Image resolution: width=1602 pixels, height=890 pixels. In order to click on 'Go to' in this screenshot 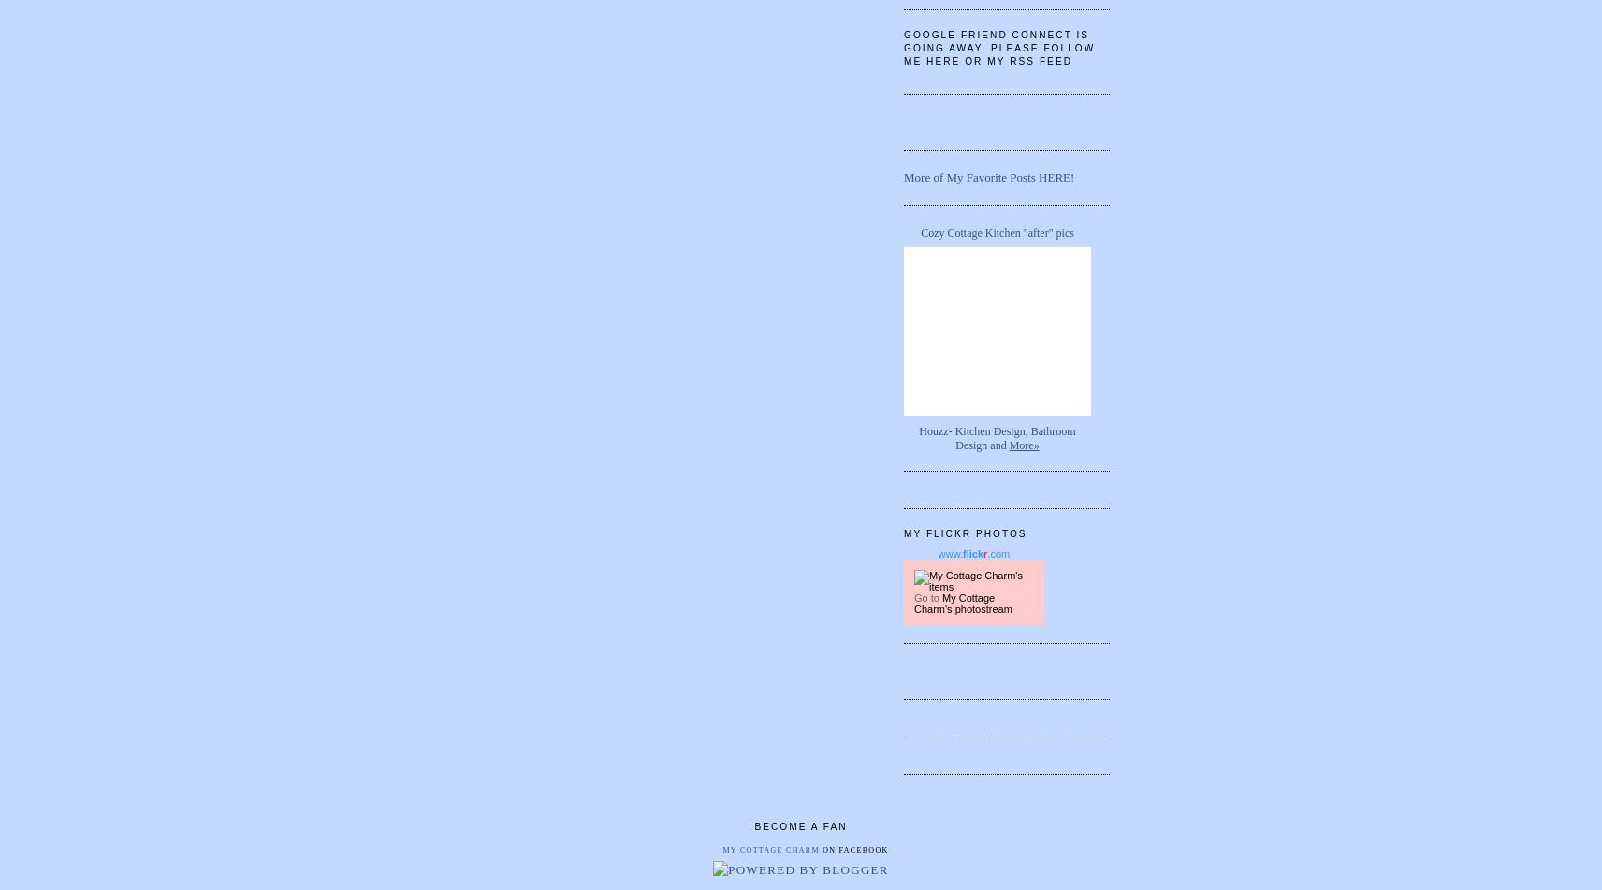, I will do `click(913, 596)`.